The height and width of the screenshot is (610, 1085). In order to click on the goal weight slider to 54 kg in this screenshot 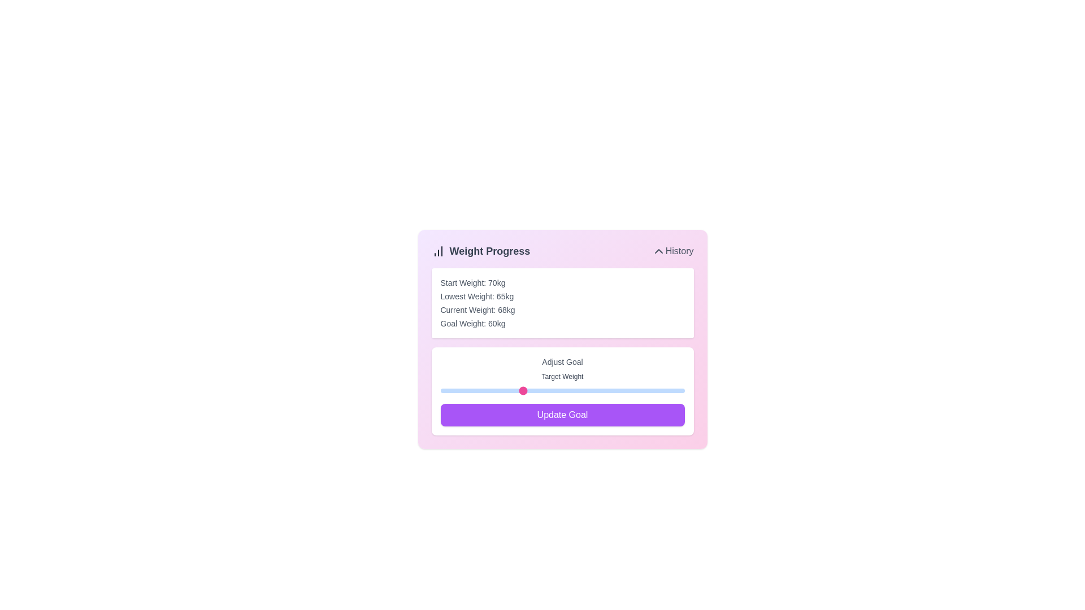, I will do `click(473, 390)`.